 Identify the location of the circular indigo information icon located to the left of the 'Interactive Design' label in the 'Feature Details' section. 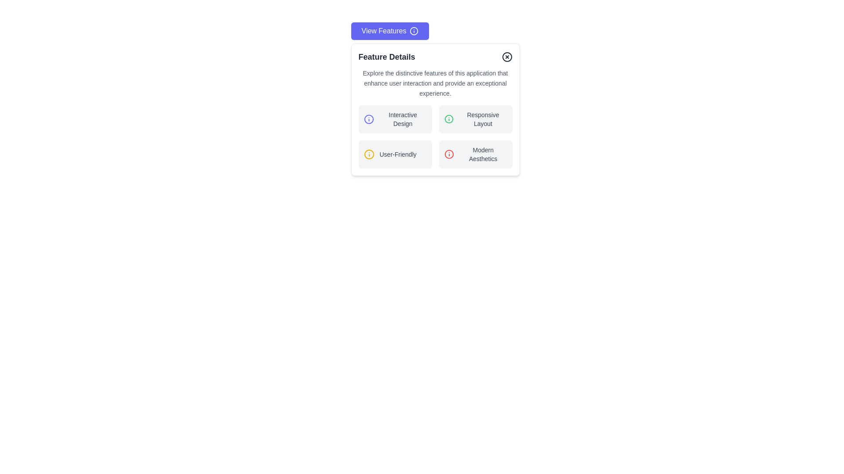
(369, 119).